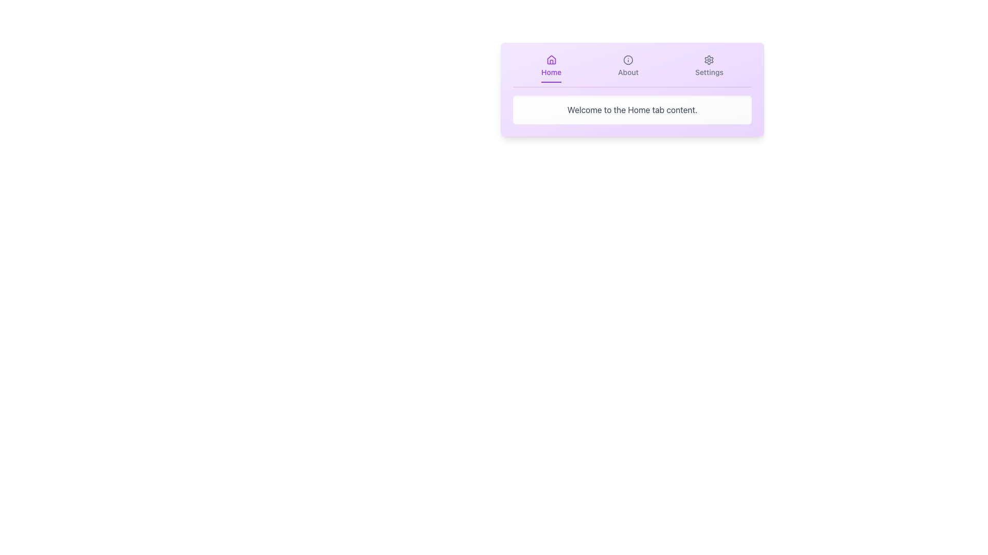  What do you see at coordinates (627, 60) in the screenshot?
I see `the information SVG icon located in the 'About' tab, which is positioned centrally among the top navigation bar elements and directly above the 'About' text label` at bounding box center [627, 60].